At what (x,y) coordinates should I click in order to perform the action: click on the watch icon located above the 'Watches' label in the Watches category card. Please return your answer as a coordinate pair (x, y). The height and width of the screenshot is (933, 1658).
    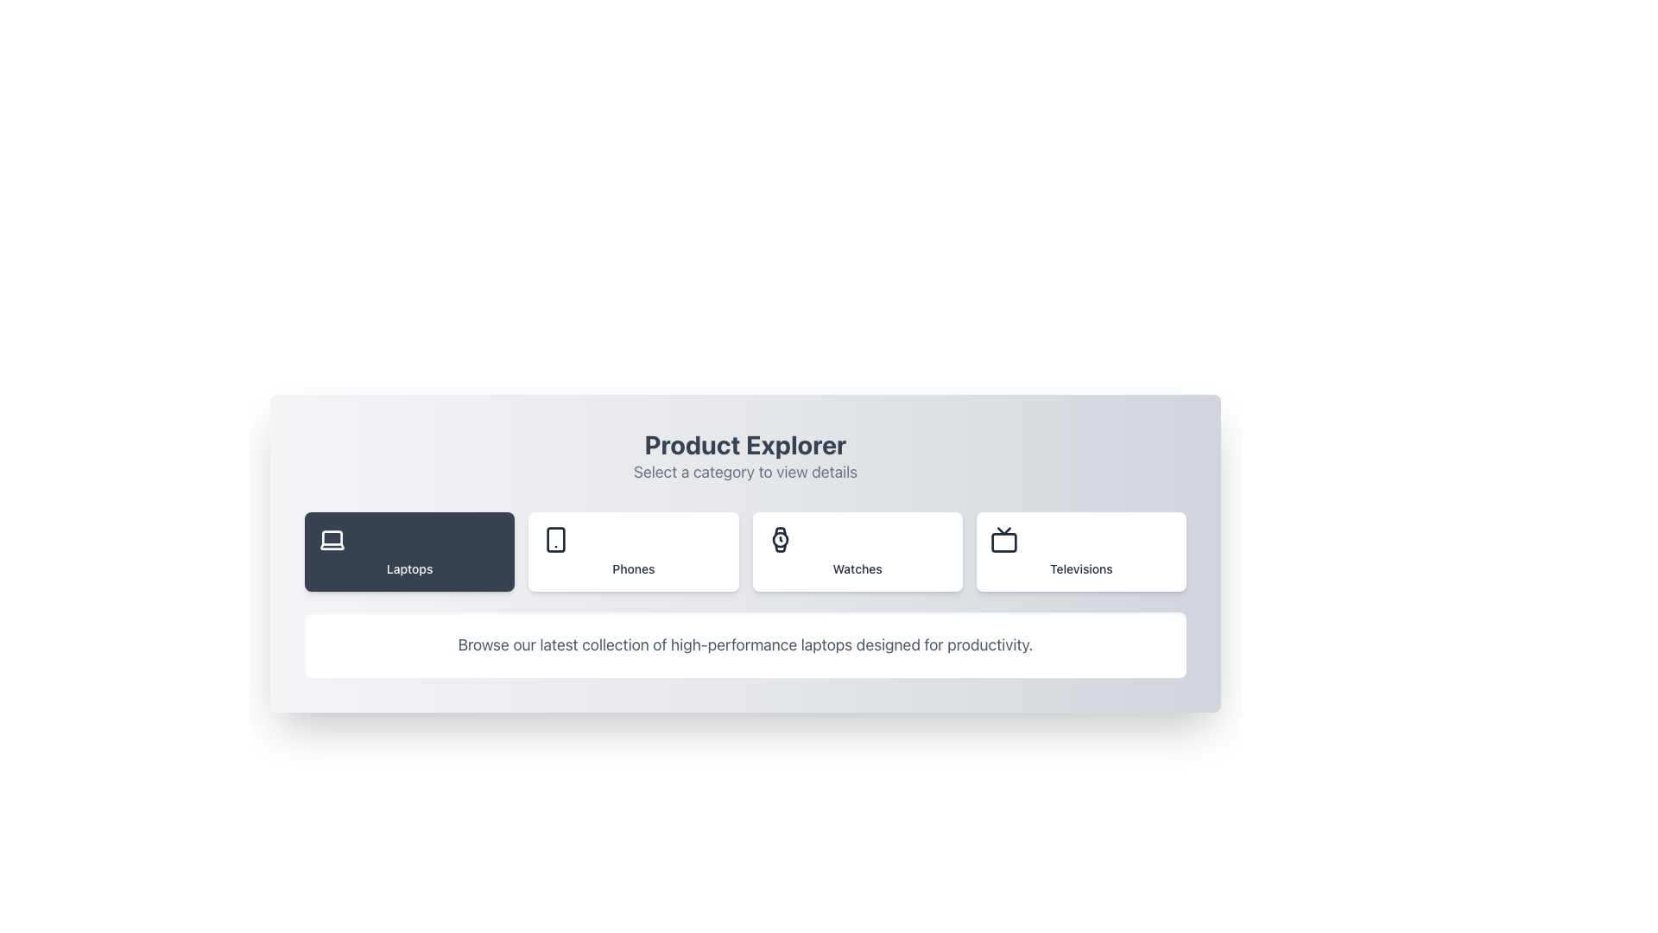
    Looking at the image, I should click on (779, 538).